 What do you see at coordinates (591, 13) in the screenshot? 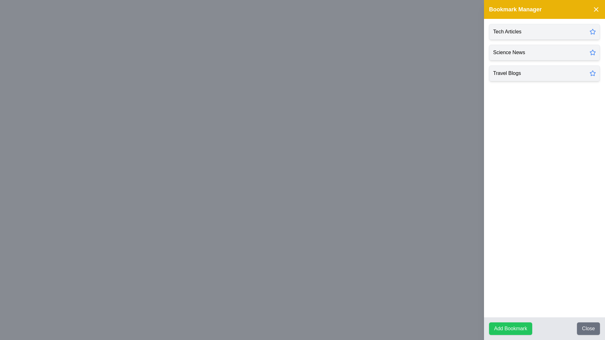
I see `the small bookmark icon located inside the floating yellow circular button in the top-right corner of the interface` at bounding box center [591, 13].